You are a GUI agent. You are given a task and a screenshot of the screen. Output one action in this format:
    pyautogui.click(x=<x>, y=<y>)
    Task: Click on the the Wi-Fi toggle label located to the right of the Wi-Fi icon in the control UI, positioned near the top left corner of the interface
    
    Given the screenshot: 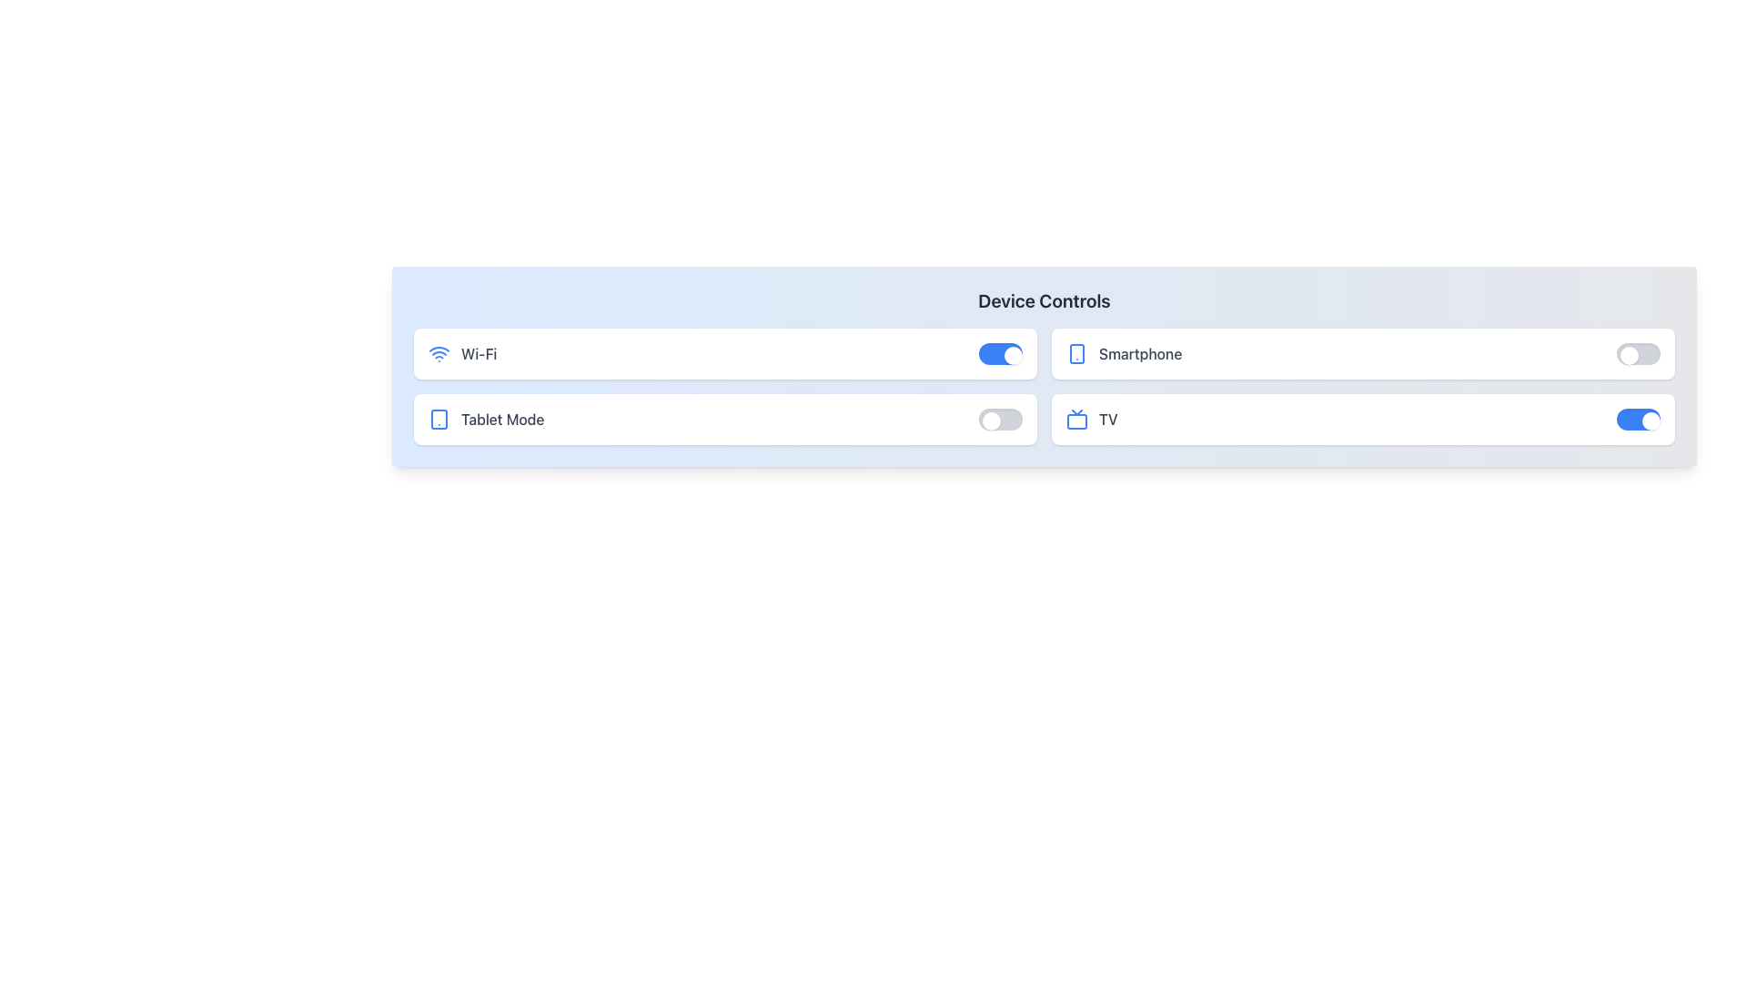 What is the action you would take?
    pyautogui.click(x=479, y=354)
    